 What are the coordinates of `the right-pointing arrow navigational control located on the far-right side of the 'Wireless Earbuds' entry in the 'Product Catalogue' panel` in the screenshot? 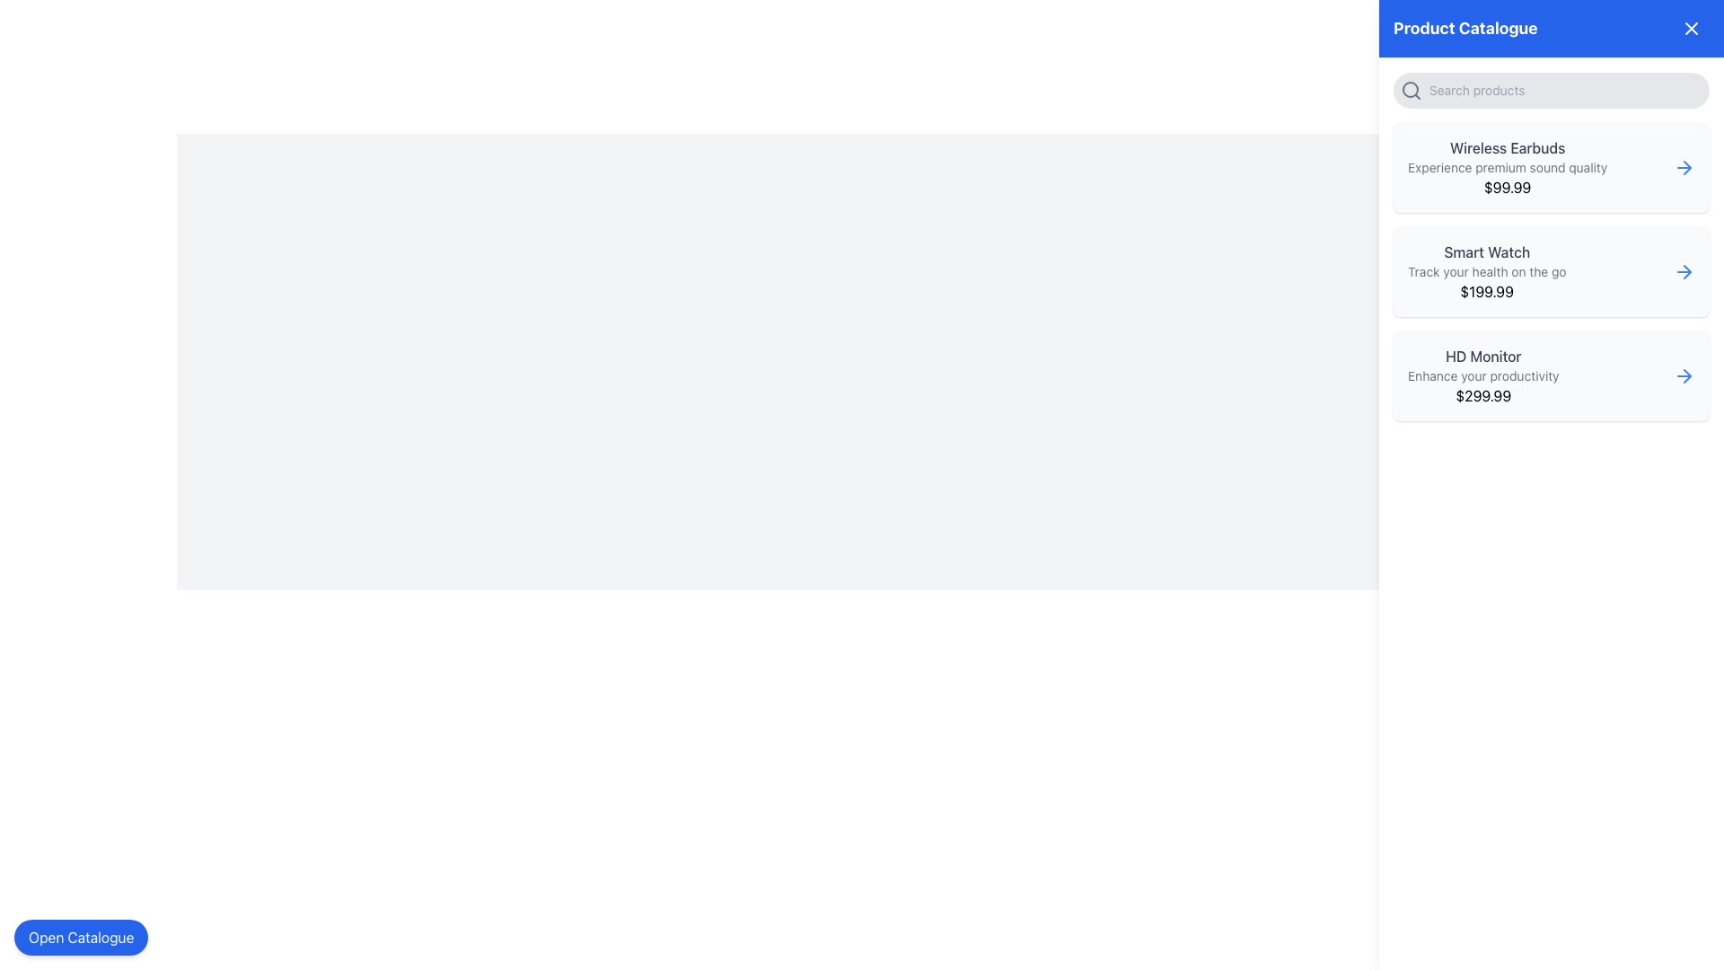 It's located at (1684, 167).